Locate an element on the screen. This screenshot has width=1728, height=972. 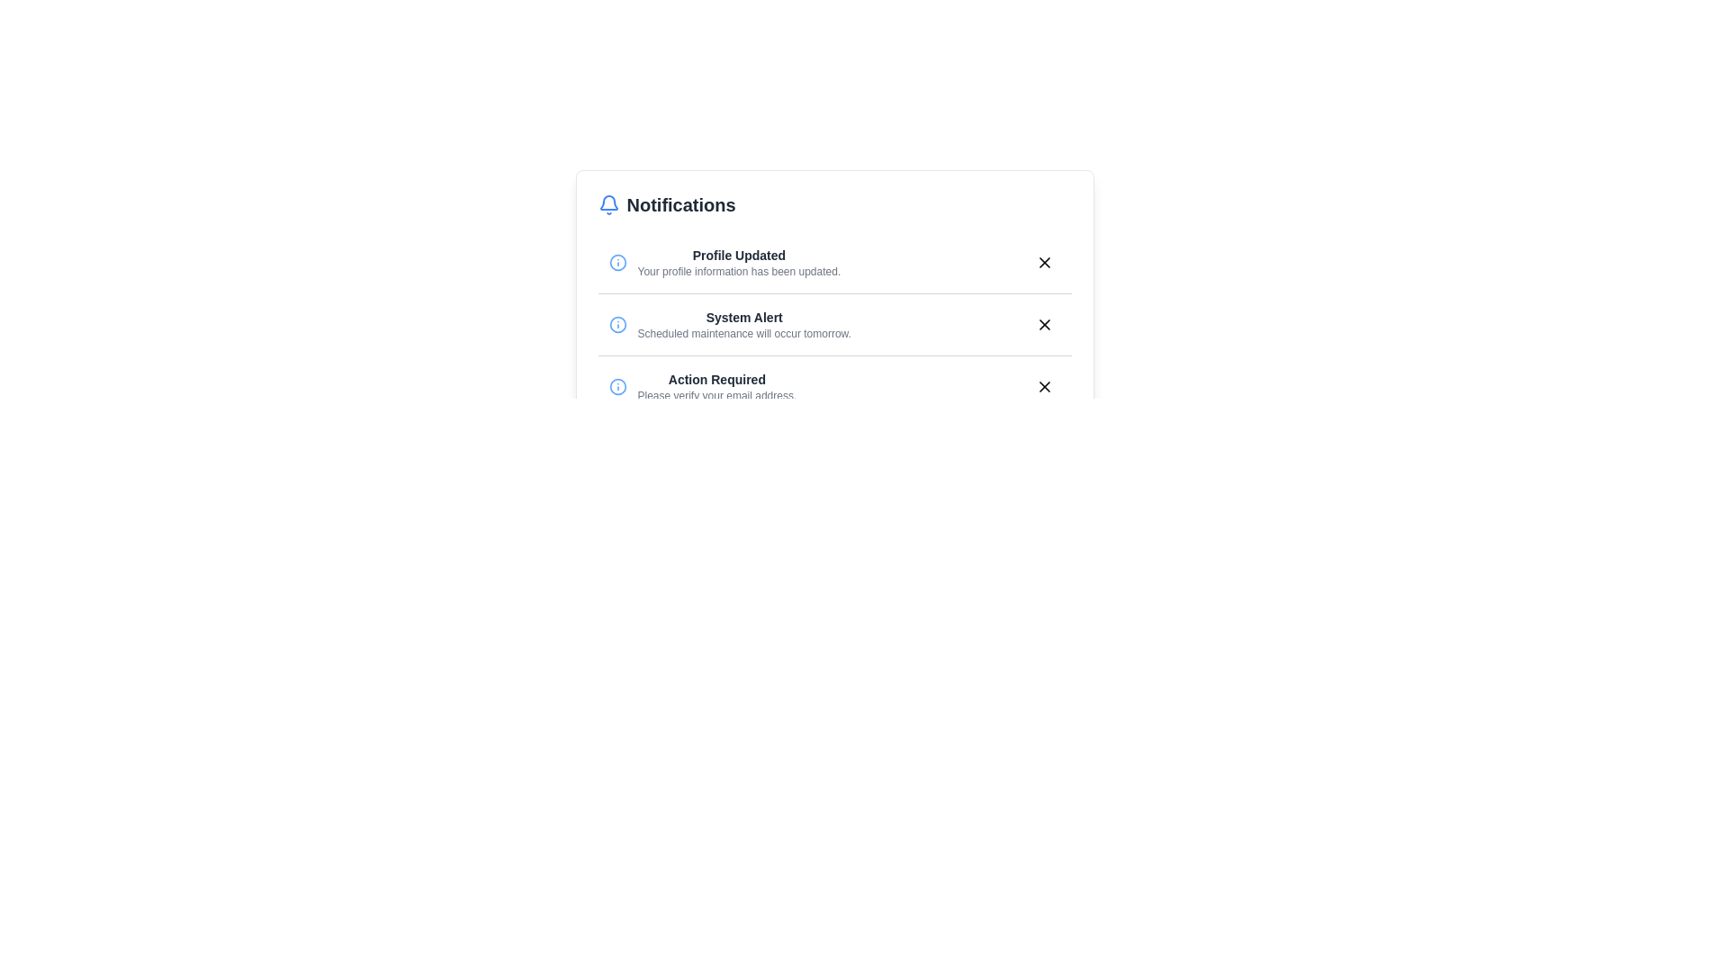
the middle notification entry in the Notification Panel, which has a bold title, finer description text, an icon, and a button on the far right is located at coordinates (833, 325).